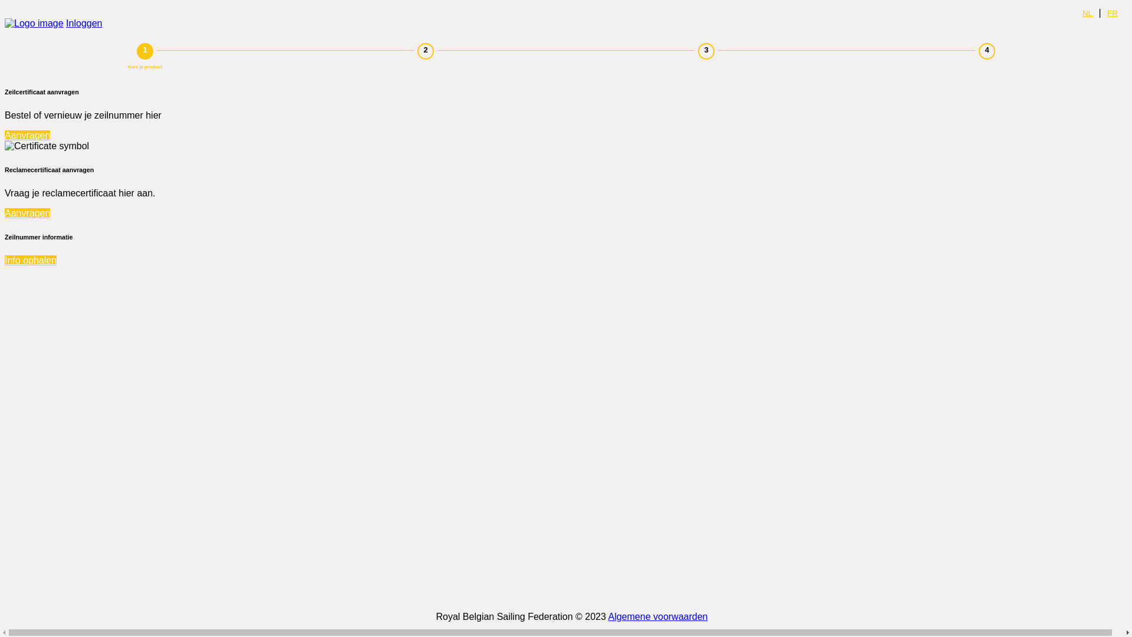 Image resolution: width=1132 pixels, height=637 pixels. I want to click on 'Inloggen', so click(83, 23).